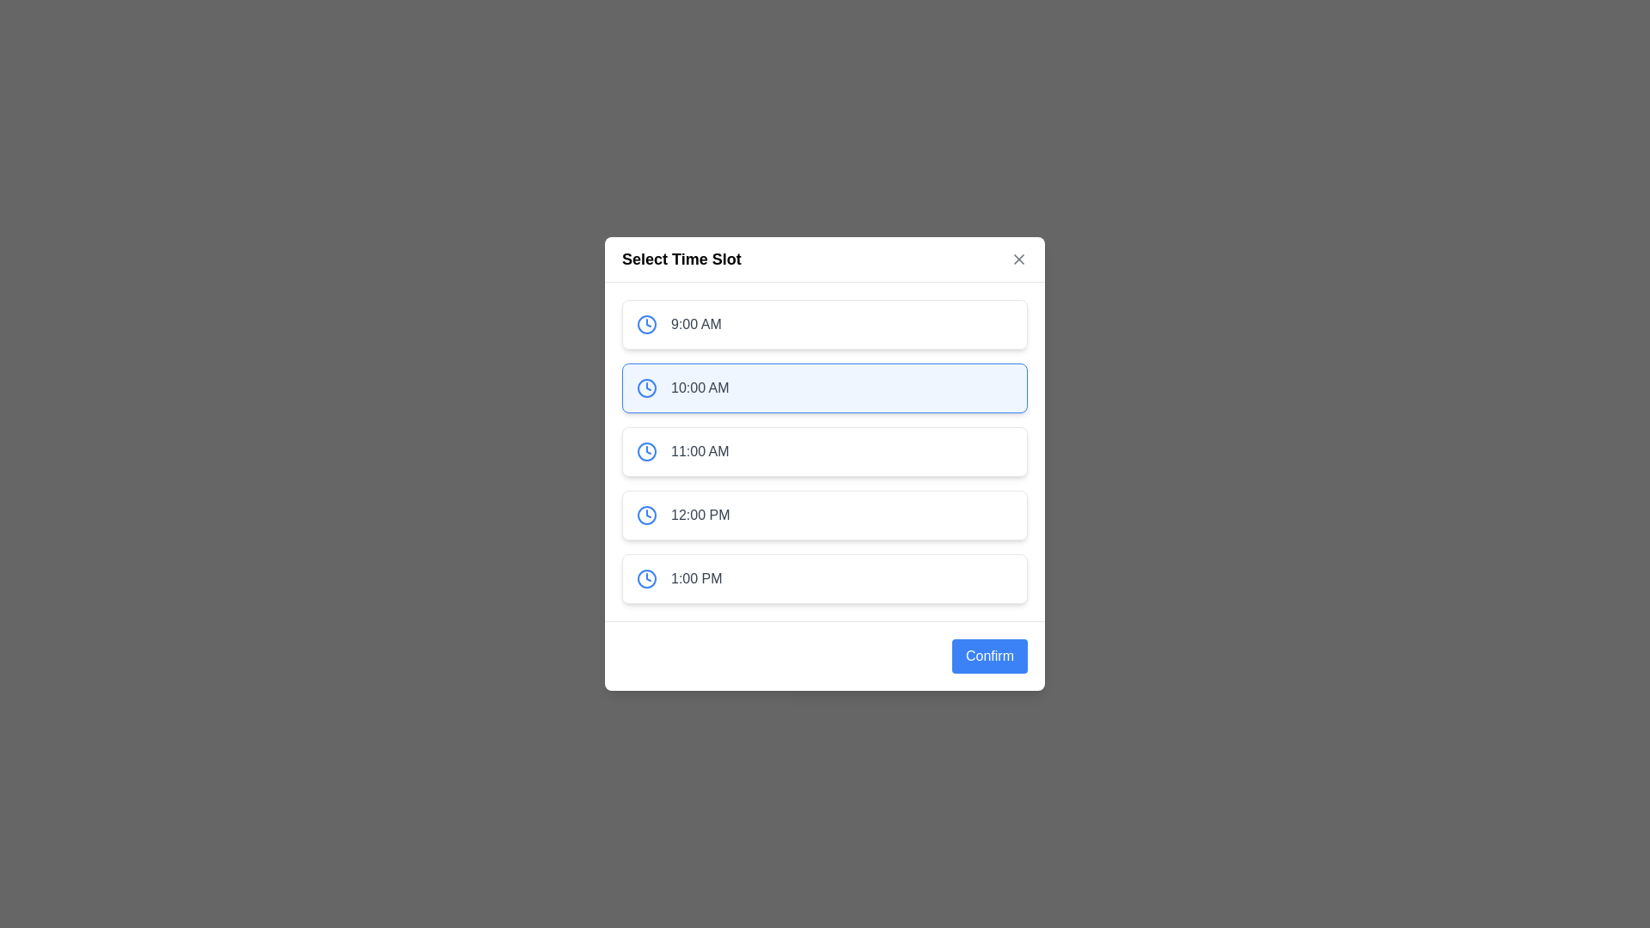 The image size is (1650, 928). What do you see at coordinates (825, 325) in the screenshot?
I see `the time slot labeled 9:00 AM to select it` at bounding box center [825, 325].